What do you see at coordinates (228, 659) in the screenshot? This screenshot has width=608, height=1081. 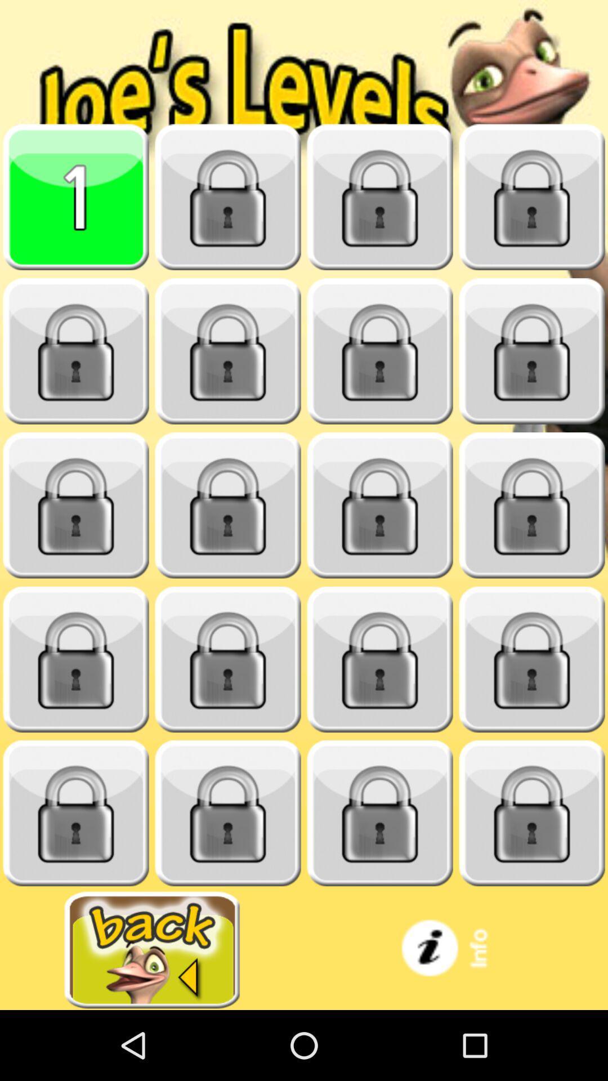 I see `this tile` at bounding box center [228, 659].